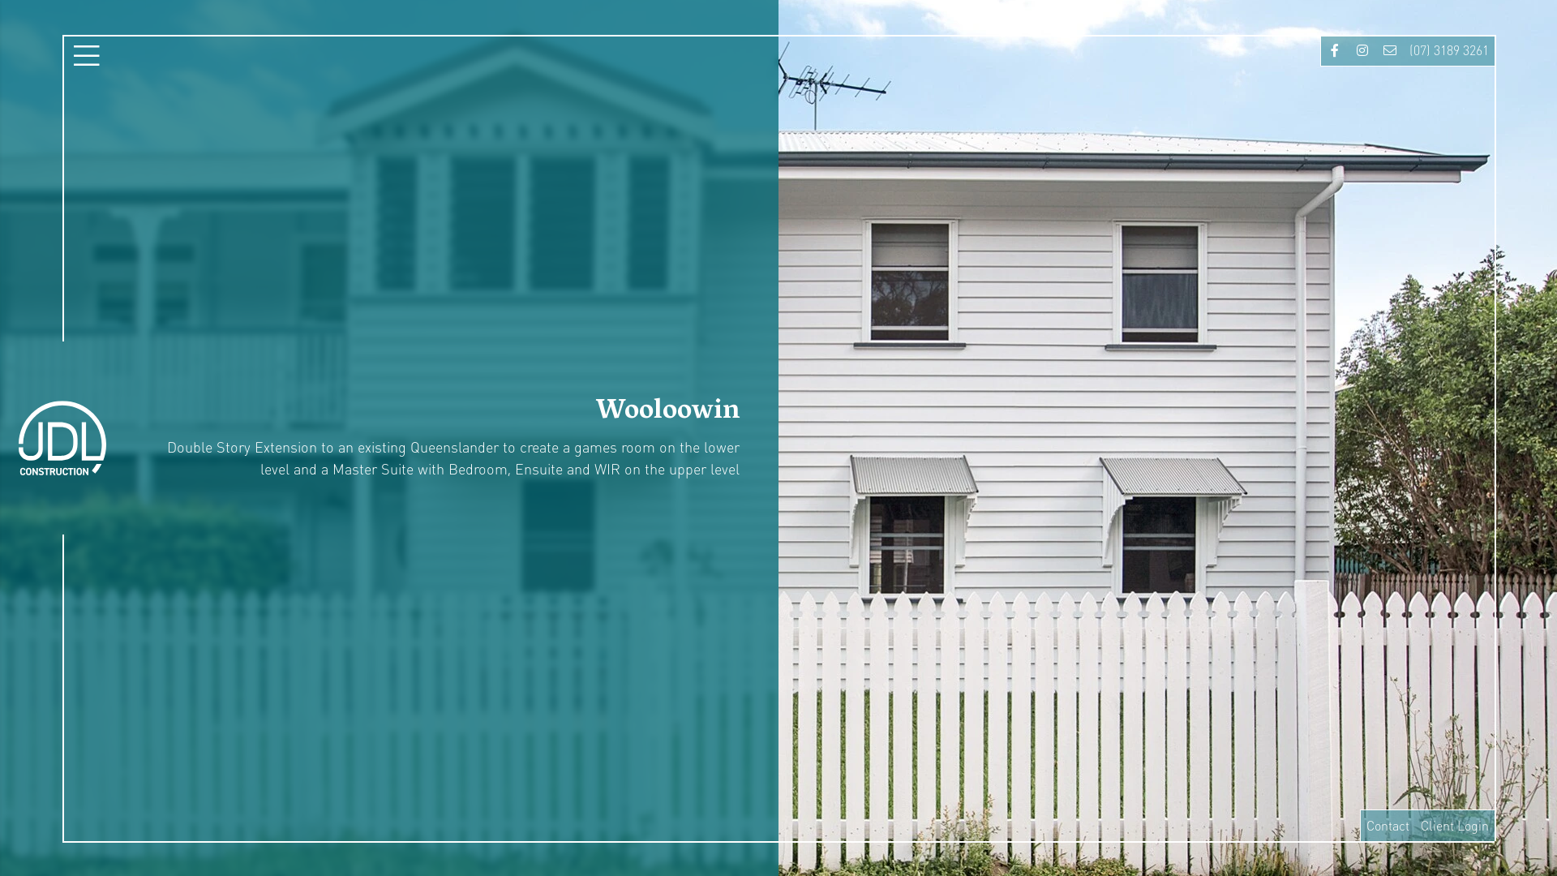 The width and height of the screenshot is (1557, 876). Describe the element at coordinates (1387, 826) in the screenshot. I see `'Contact'` at that location.